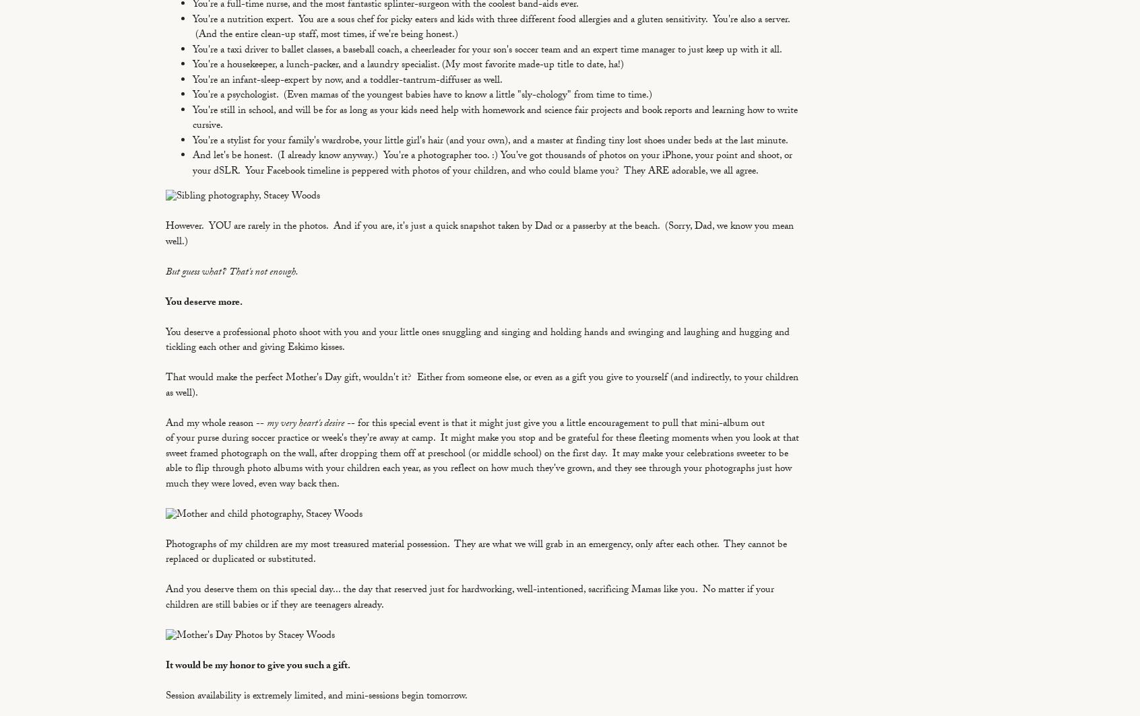 The image size is (1140, 716). What do you see at coordinates (305, 423) in the screenshot?
I see `'my very heart's desire'` at bounding box center [305, 423].